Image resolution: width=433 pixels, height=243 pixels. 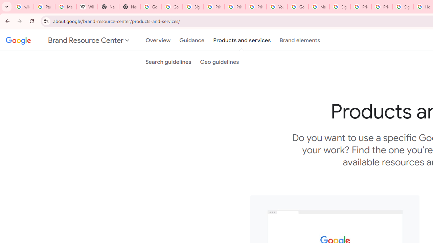 What do you see at coordinates (108, 7) in the screenshot?
I see `'New Tab'` at bounding box center [108, 7].